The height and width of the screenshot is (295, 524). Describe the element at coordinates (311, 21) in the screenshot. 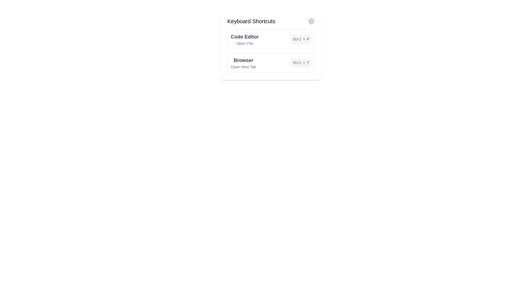

I see `the Settings icon, which is a gray gear icon located on the right side of the header bar titled 'Keyboard Shortcuts'` at that location.